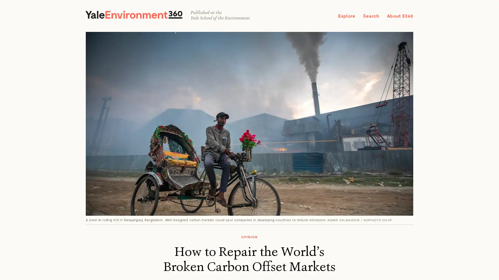  Describe the element at coordinates (310, 97) in the screenshot. I see `Close this dialog` at that location.